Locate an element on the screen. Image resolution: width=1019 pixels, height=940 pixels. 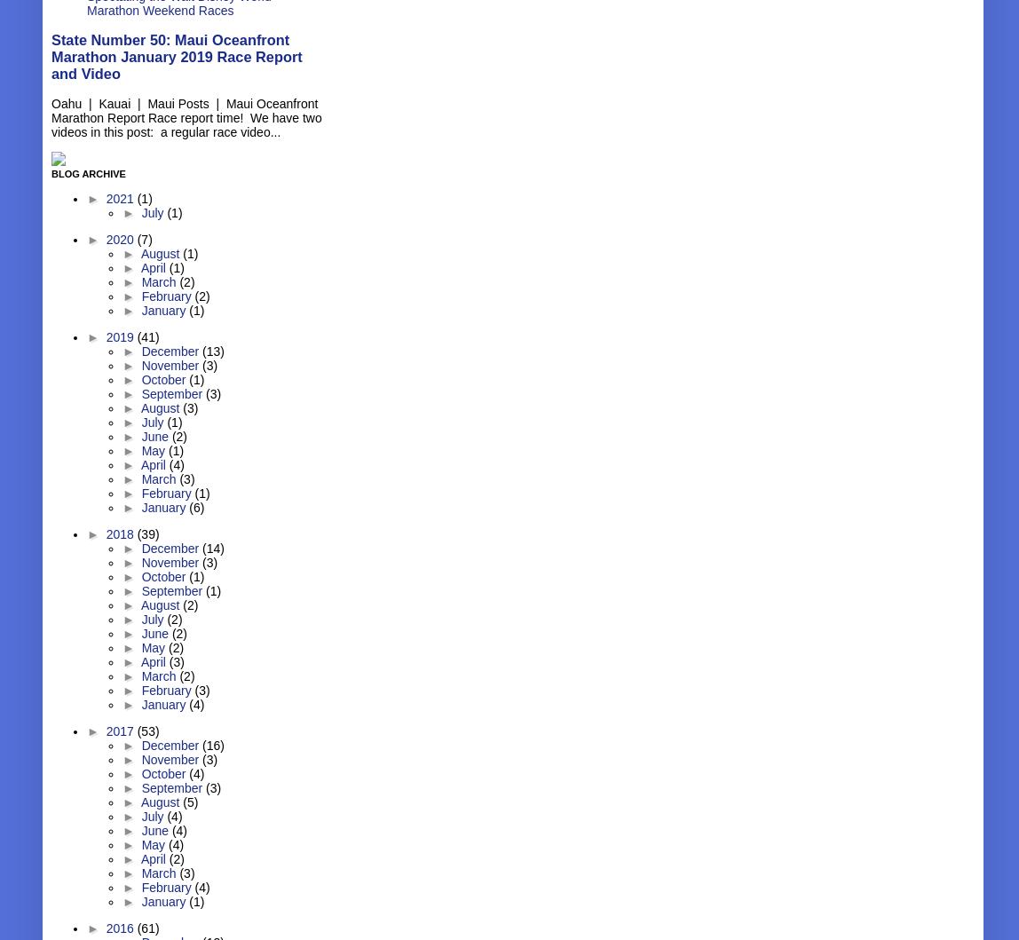
'(14)' is located at coordinates (213, 548).